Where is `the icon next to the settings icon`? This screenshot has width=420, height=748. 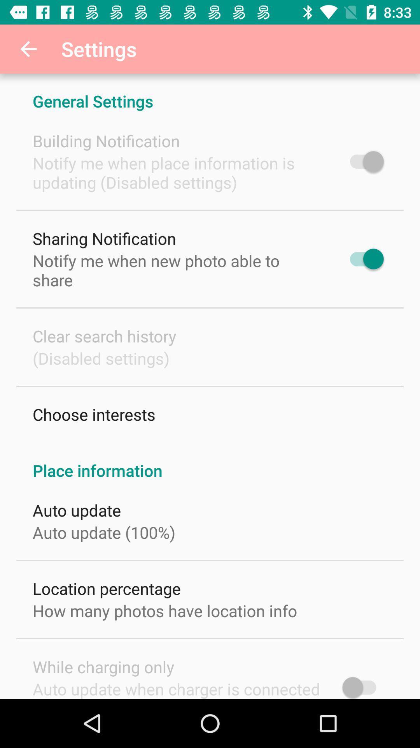 the icon next to the settings icon is located at coordinates (28, 48).